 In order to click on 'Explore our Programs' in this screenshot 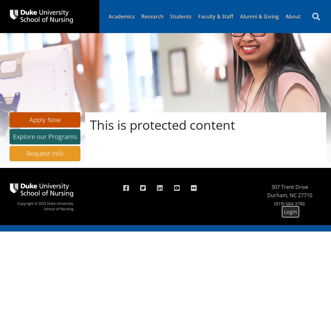, I will do `click(44, 136)`.